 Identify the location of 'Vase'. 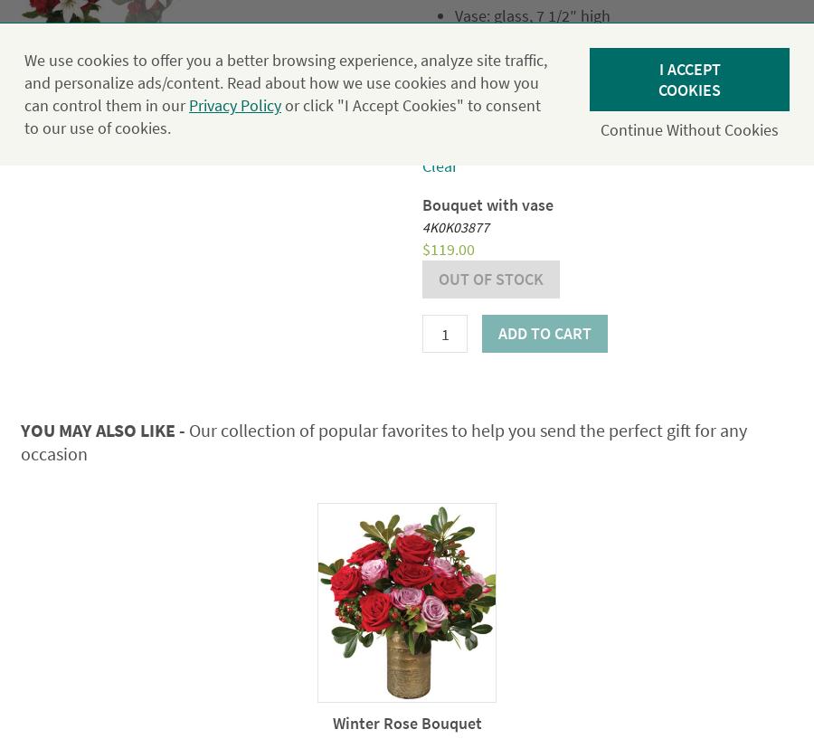
(437, 101).